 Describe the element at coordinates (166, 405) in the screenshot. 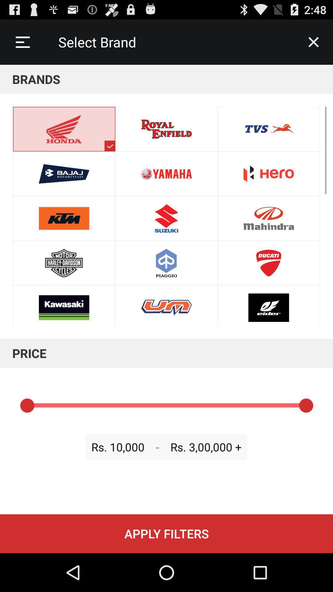

I see `on the level slider below price` at that location.